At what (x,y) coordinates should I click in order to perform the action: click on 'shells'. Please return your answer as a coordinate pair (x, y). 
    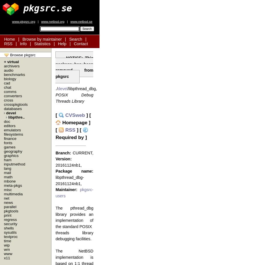
    Looking at the image, I should click on (8, 228).